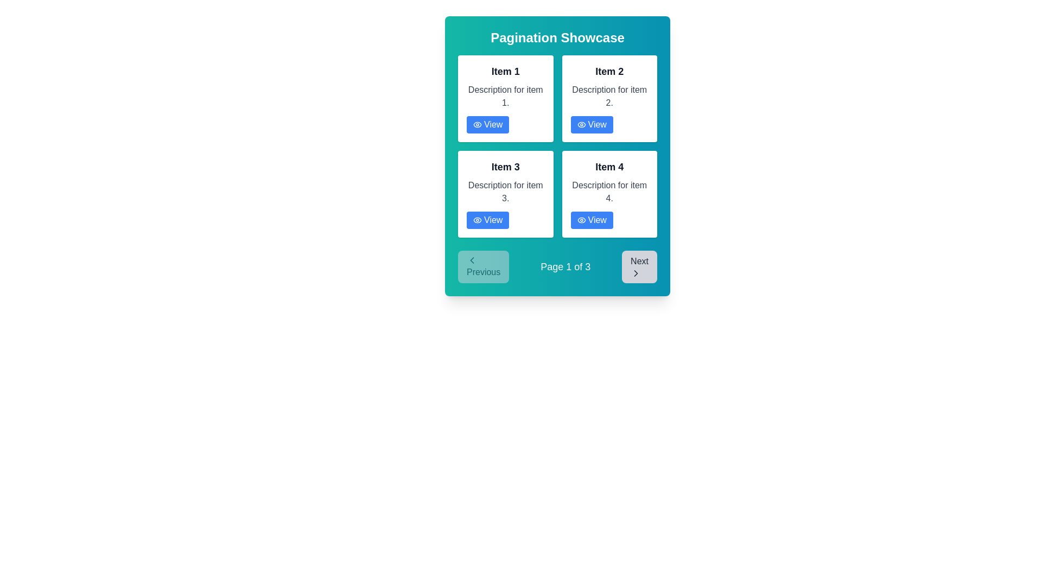 Image resolution: width=1042 pixels, height=586 pixels. What do you see at coordinates (581, 220) in the screenshot?
I see `the eye-shaped vector icon situated on the 'View' button, which has white text on a blue background, located at the bottom-right corner of the 'Item 4' card in the grid layout of the 'Pagination Showcase'` at bounding box center [581, 220].